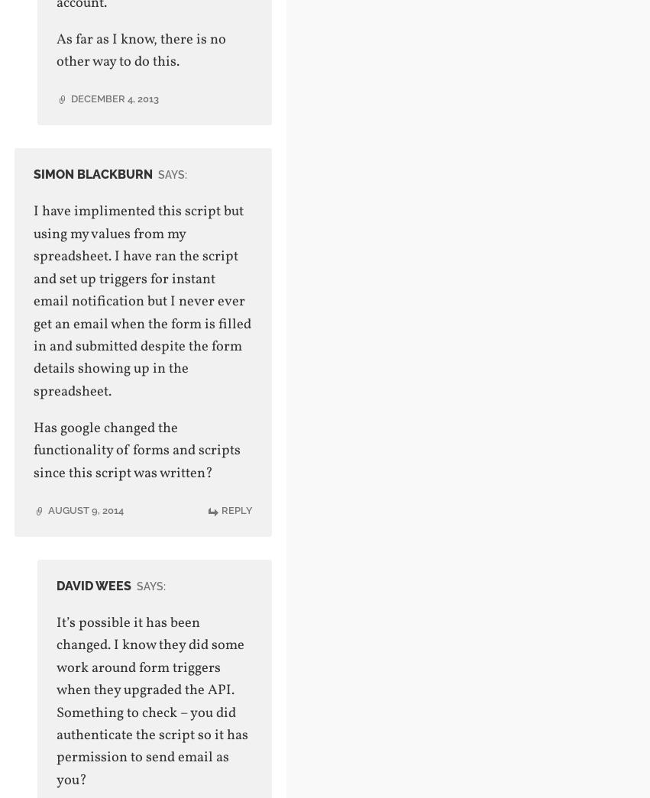 The image size is (650, 798). I want to click on 'August 9, 2014', so click(84, 509).